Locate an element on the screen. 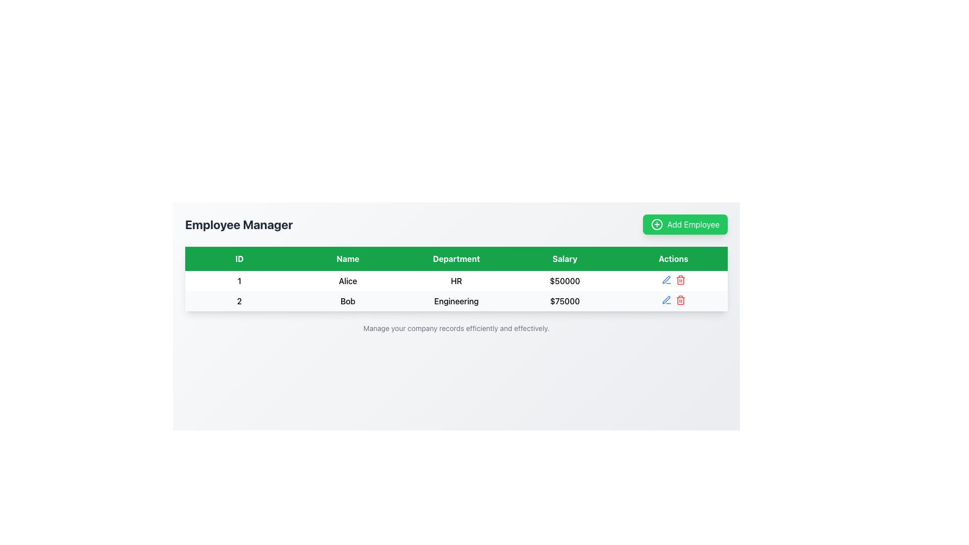 Image resolution: width=969 pixels, height=545 pixels. the 'Employee Manager' text label, which serves as the title for the current application page is located at coordinates (238, 224).